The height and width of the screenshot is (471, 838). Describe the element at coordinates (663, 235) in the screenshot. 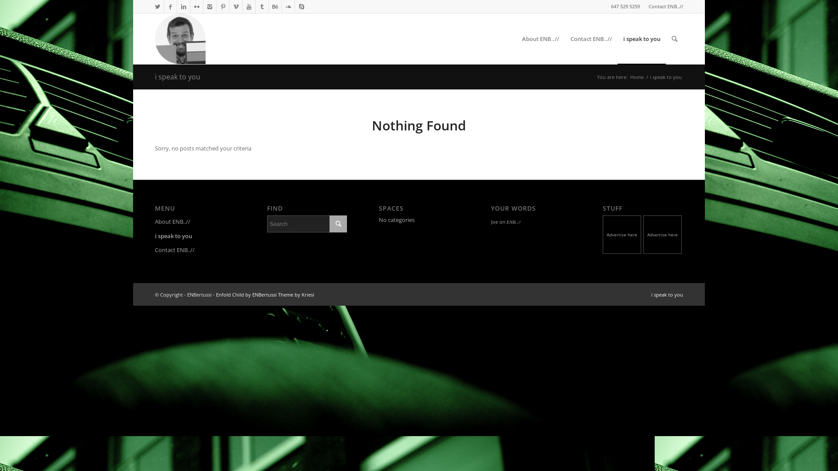

I see `'Advertise here'` at that location.